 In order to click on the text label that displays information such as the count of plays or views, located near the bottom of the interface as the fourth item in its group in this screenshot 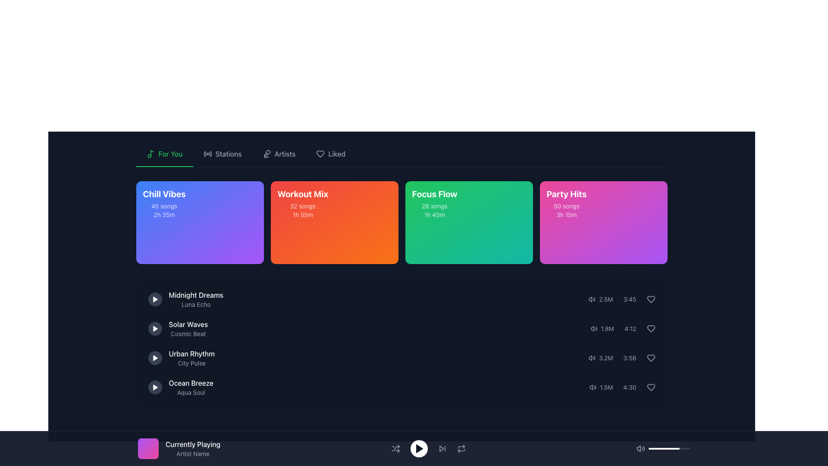, I will do `click(606, 387)`.